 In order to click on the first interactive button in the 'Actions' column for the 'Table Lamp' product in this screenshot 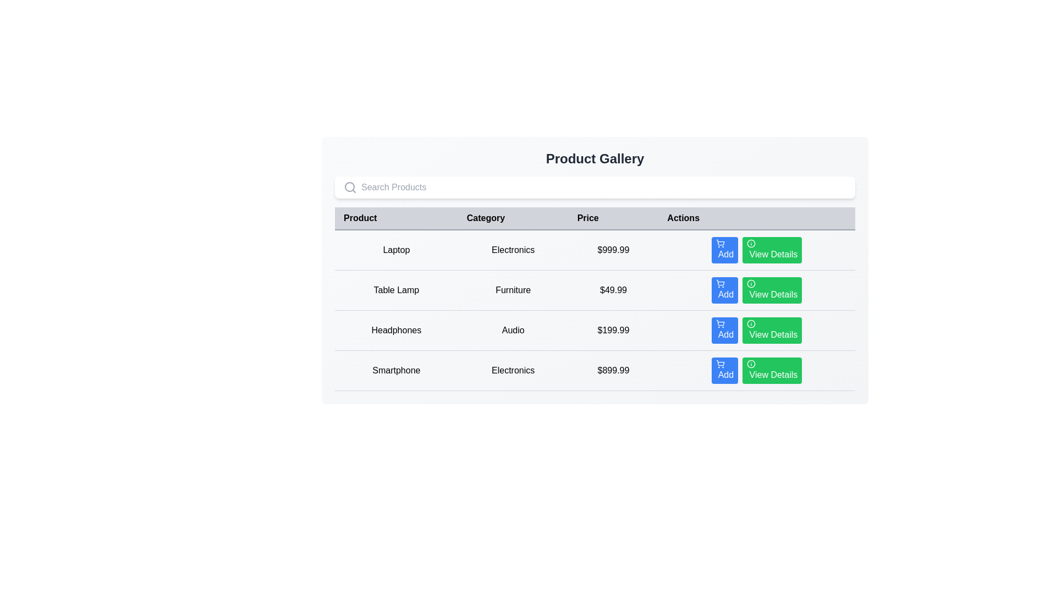, I will do `click(725, 290)`.